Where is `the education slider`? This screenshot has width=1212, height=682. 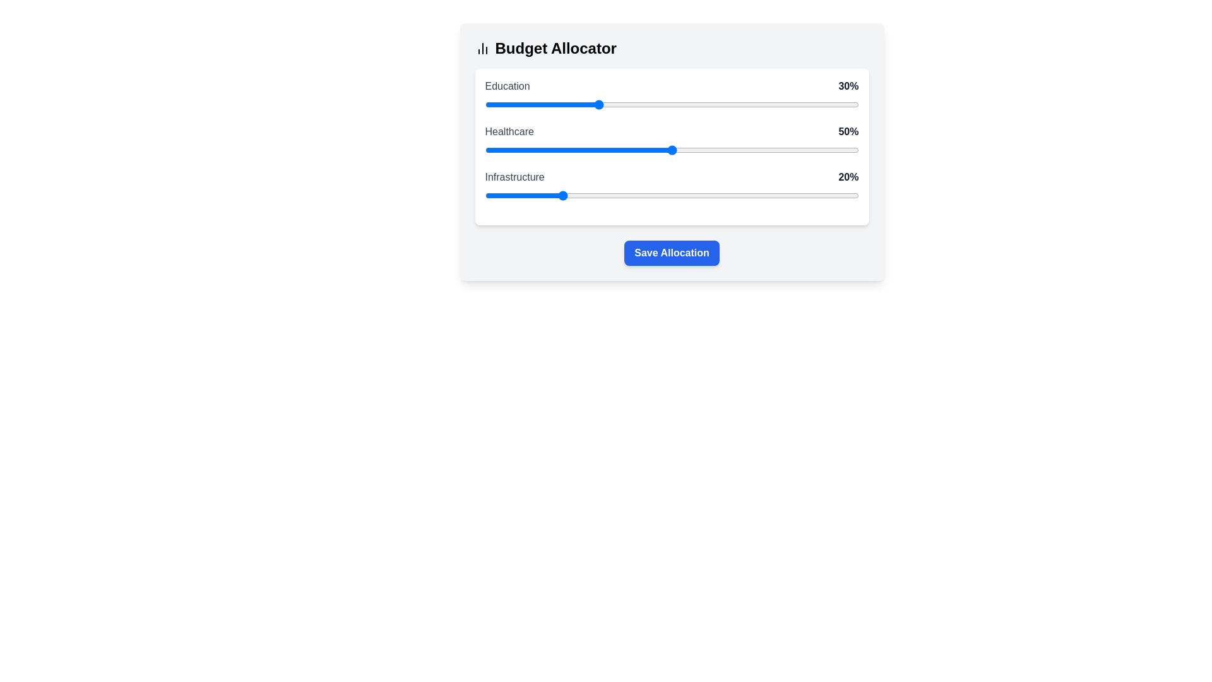
the education slider is located at coordinates (836, 104).